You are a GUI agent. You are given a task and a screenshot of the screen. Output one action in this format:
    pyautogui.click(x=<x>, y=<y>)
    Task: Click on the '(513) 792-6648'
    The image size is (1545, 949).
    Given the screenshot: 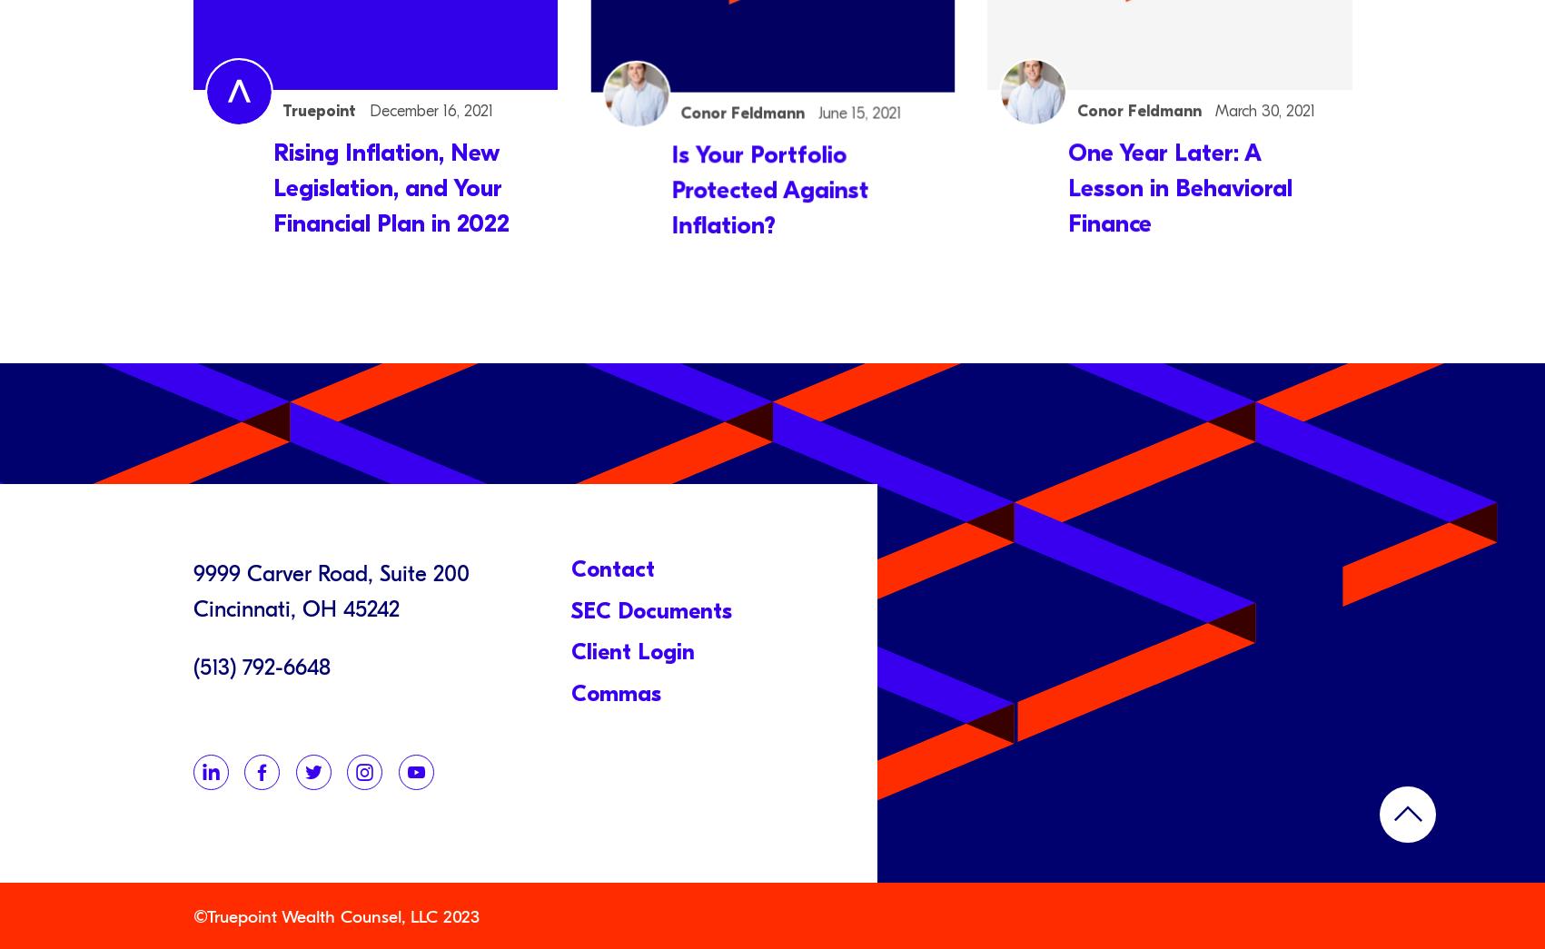 What is the action you would take?
    pyautogui.click(x=261, y=666)
    